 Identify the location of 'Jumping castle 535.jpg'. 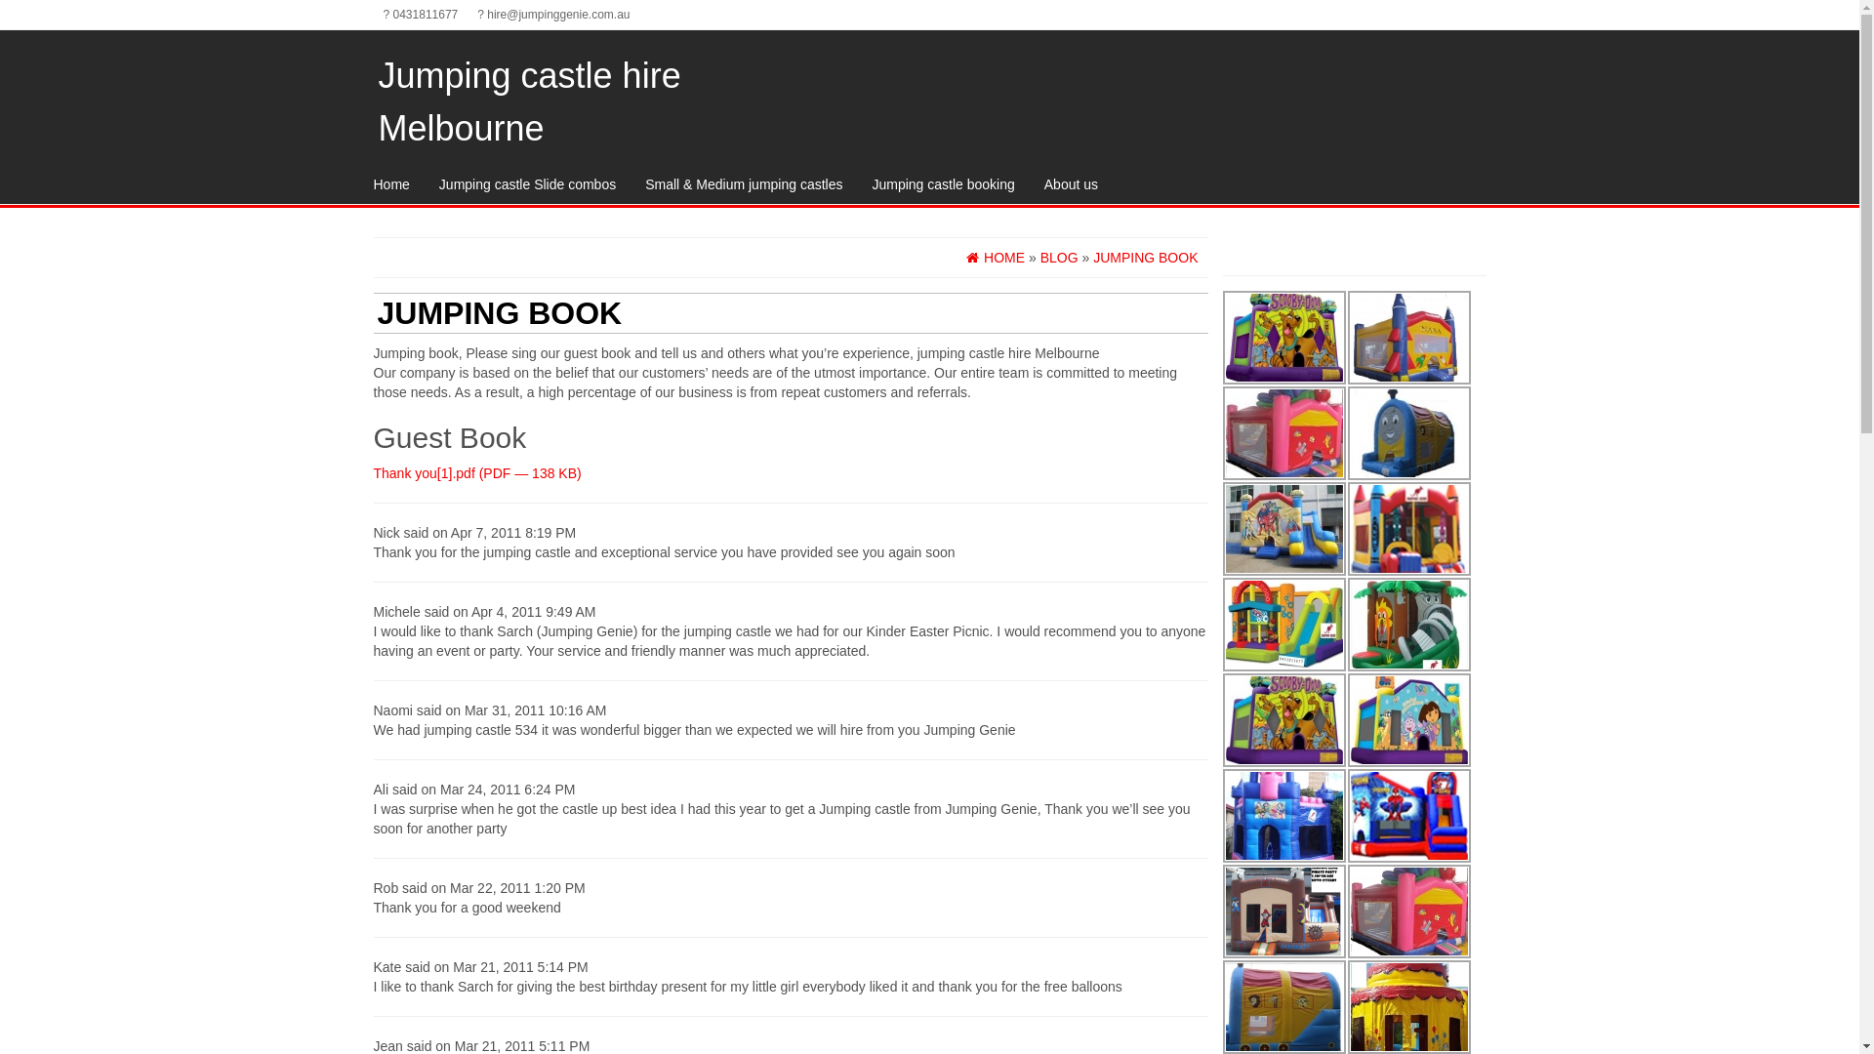
(1408, 529).